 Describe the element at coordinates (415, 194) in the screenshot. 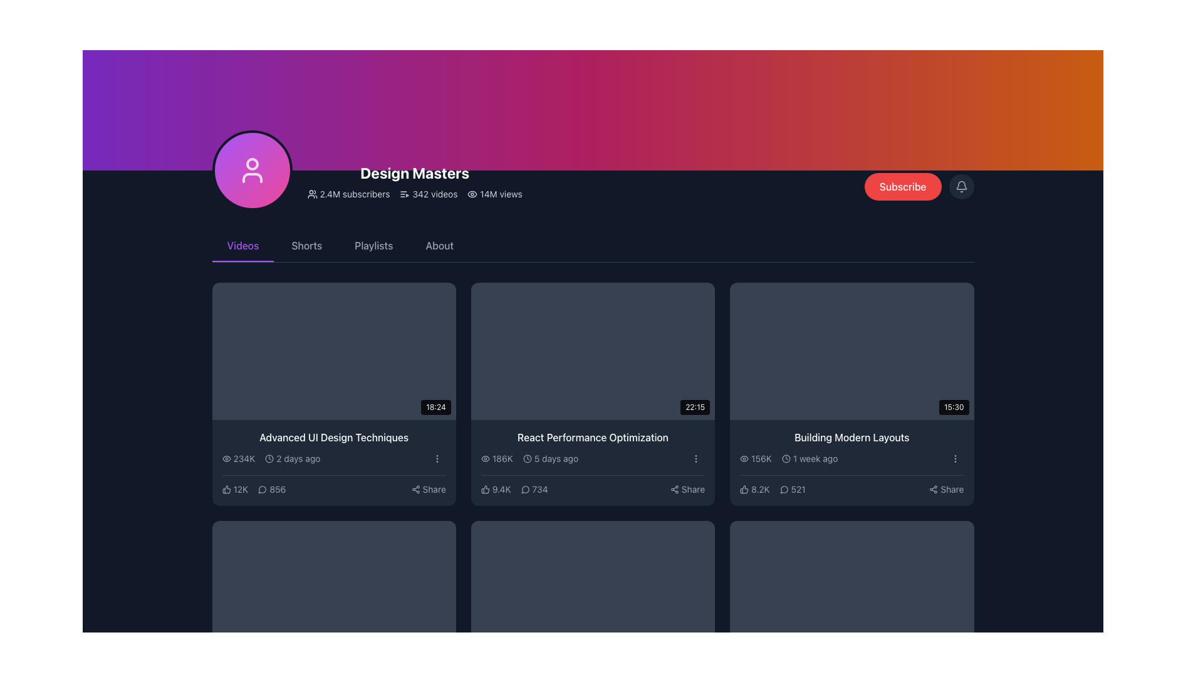

I see `information displayed in the Text block with icons located below the title 'Design Masters' at the top of the page` at that location.